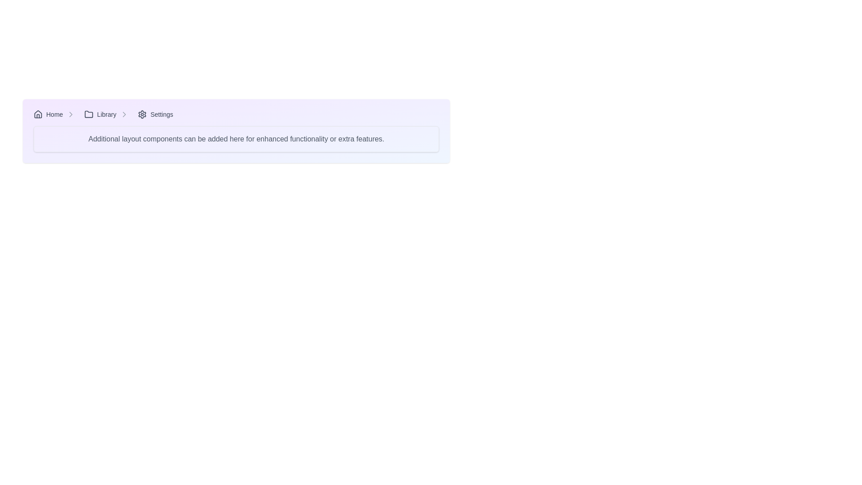  I want to click on the links in the Navigation bar with breadcrumb links located at the top section of the application, so click(236, 114).